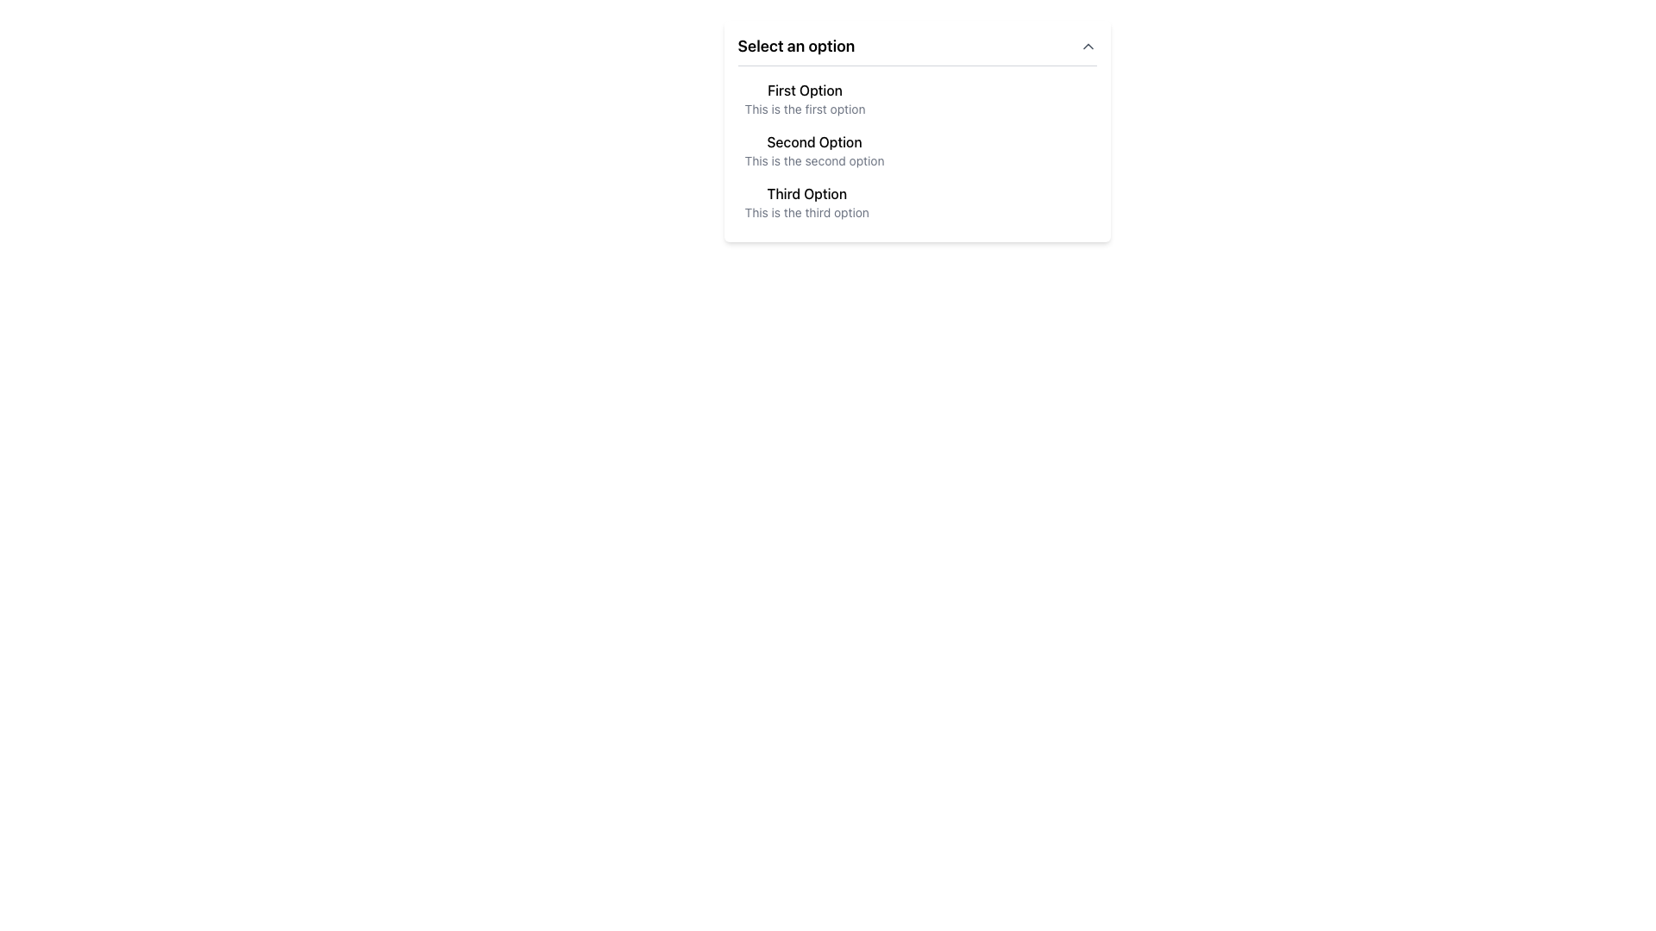 The image size is (1656, 931). I want to click on the list item labeled 'First Option', so click(916, 99).